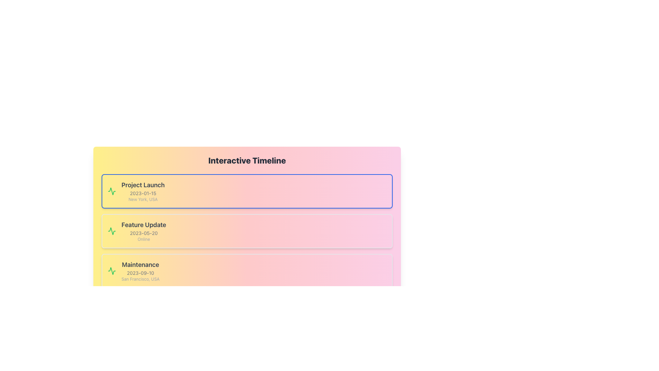 This screenshot has width=659, height=371. I want to click on the text label displaying the date associated with the 'Project Launch' item in the timeline interface, located near the top of the vertically stacked layout, so click(143, 193).